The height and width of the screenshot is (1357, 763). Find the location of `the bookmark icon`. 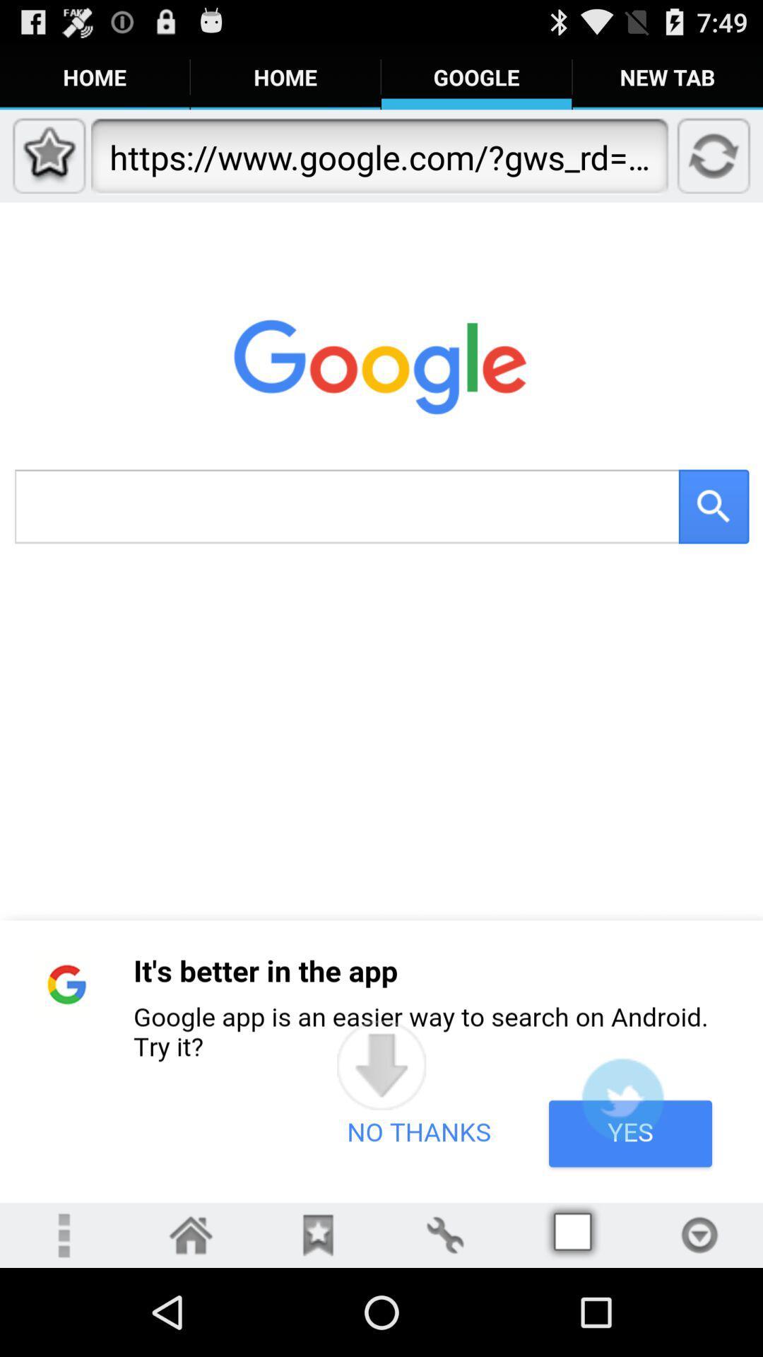

the bookmark icon is located at coordinates (318, 1321).